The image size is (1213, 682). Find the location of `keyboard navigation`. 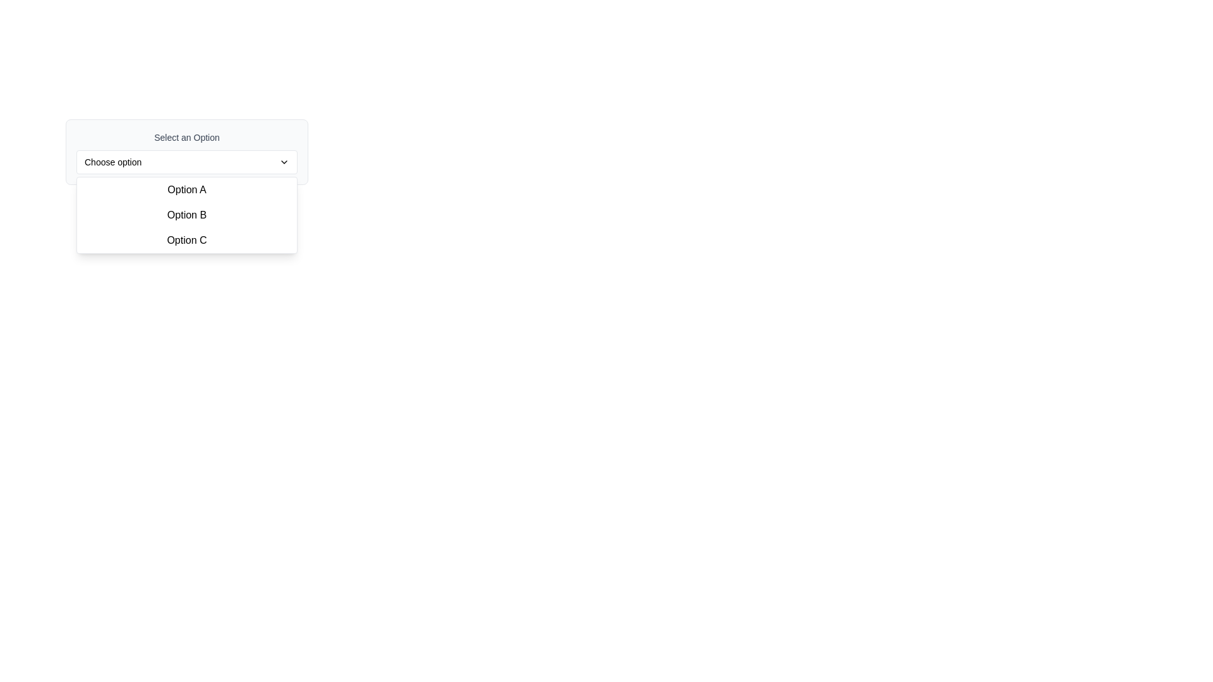

keyboard navigation is located at coordinates (186, 151).